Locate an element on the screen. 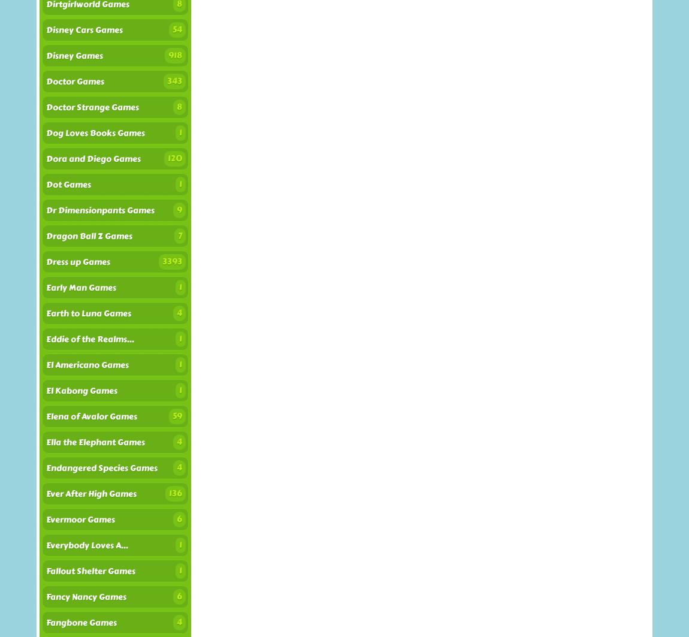 Image resolution: width=689 pixels, height=637 pixels. 'Disney Cars Games' is located at coordinates (46, 30).